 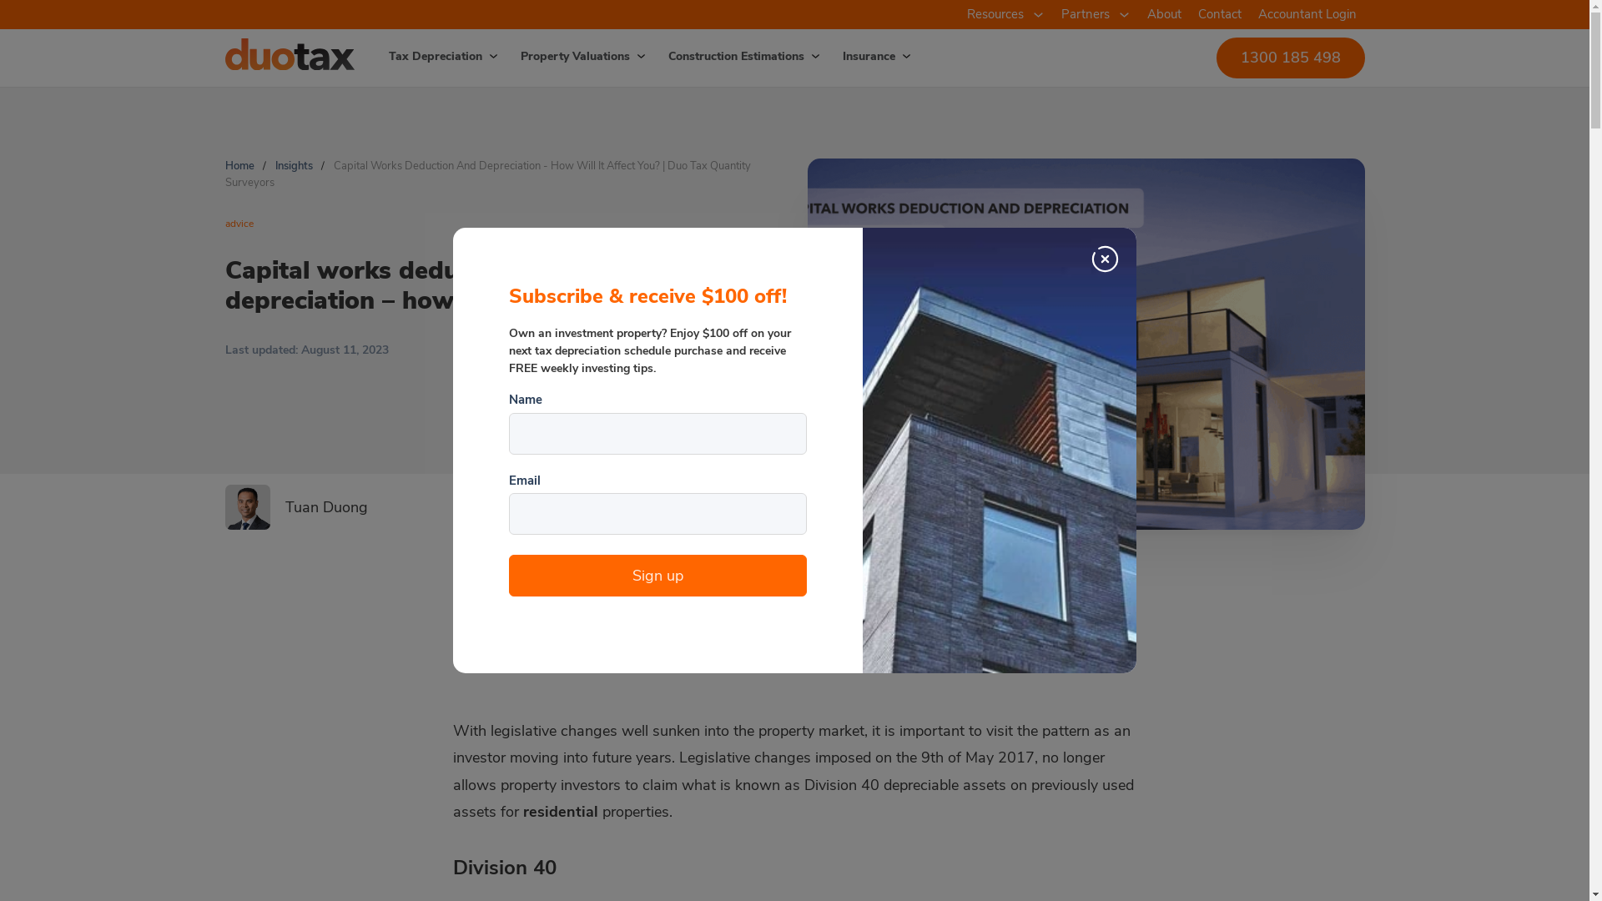 I want to click on 'Sign up', so click(x=657, y=575).